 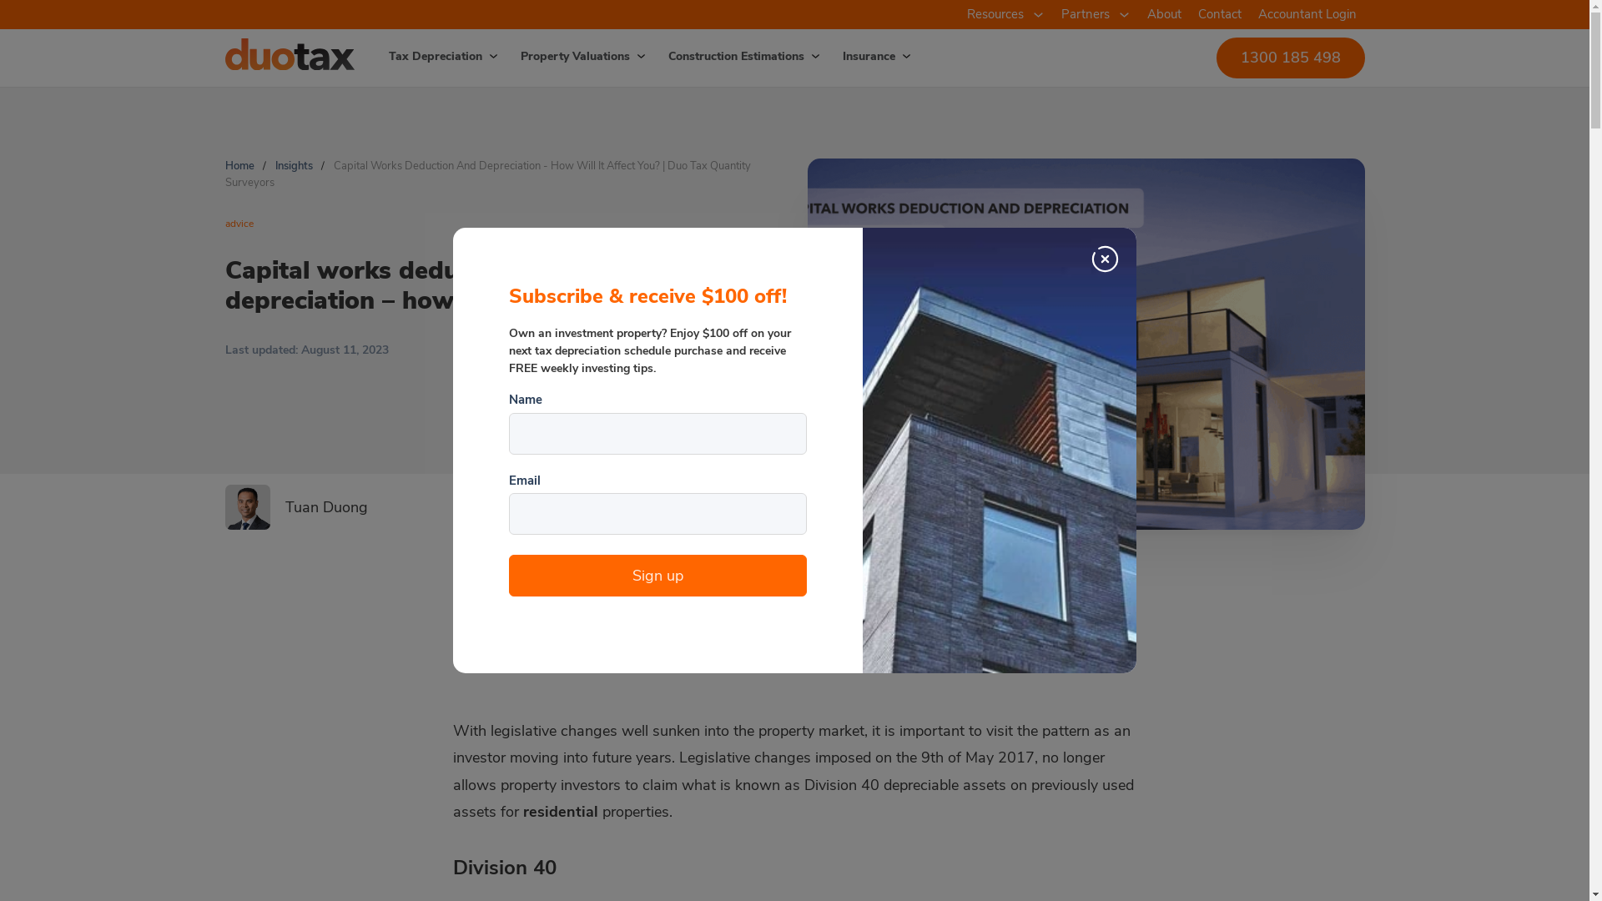 I want to click on 'Sign up', so click(x=657, y=575).